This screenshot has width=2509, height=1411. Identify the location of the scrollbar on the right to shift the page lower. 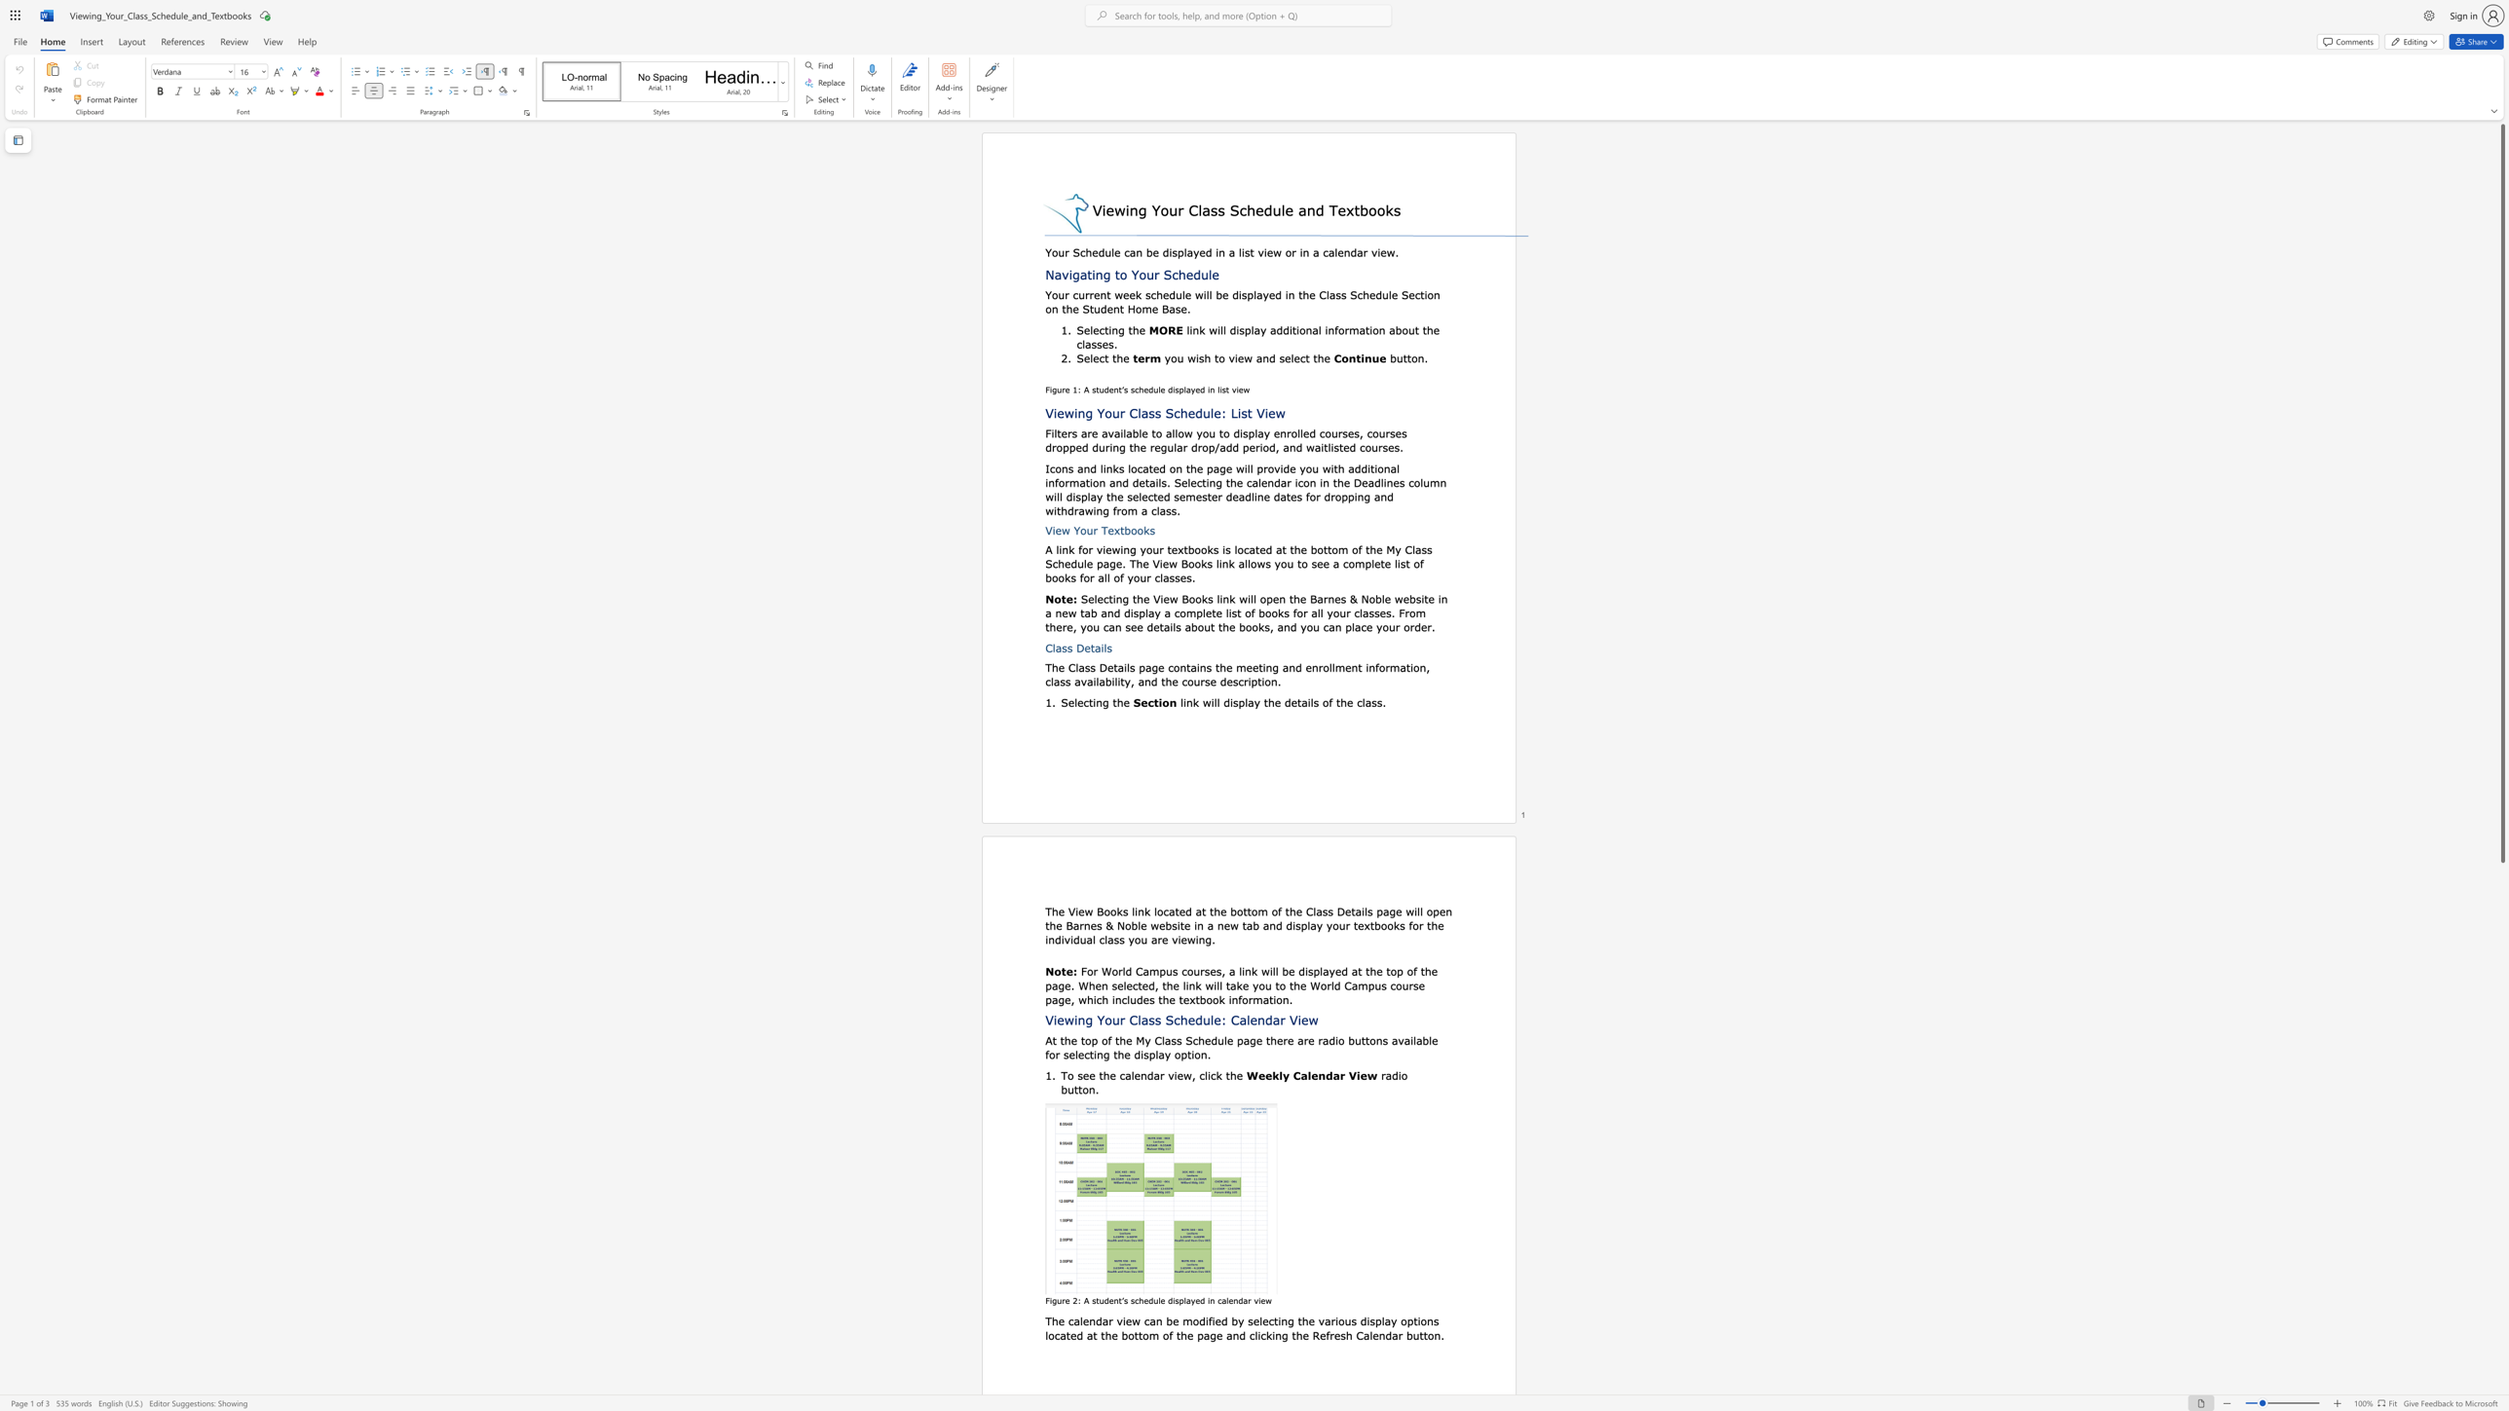
(2501, 1044).